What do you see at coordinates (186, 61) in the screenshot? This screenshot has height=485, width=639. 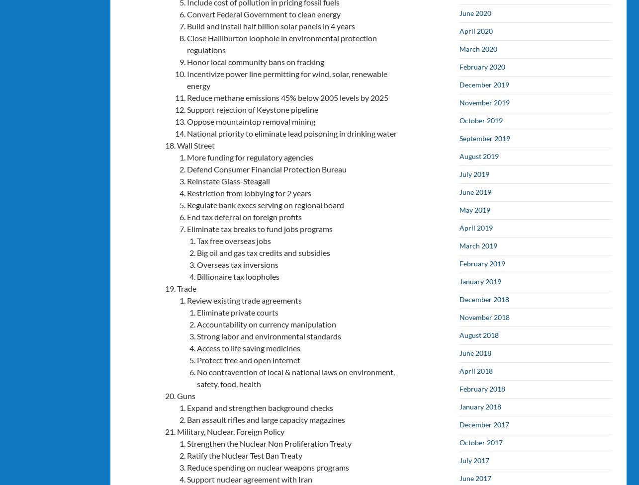 I see `'Honor local community bans on fracking'` at bounding box center [186, 61].